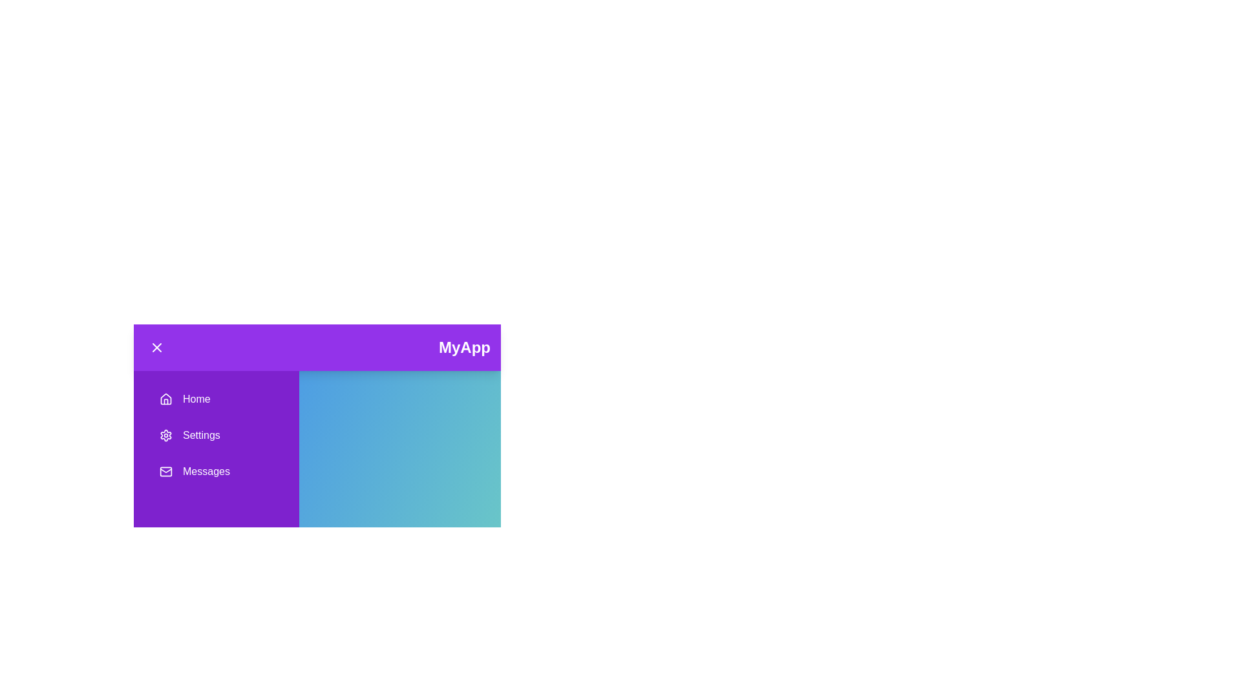 The image size is (1241, 698). What do you see at coordinates (217, 398) in the screenshot?
I see `the 'Home' button in the navigation menu` at bounding box center [217, 398].